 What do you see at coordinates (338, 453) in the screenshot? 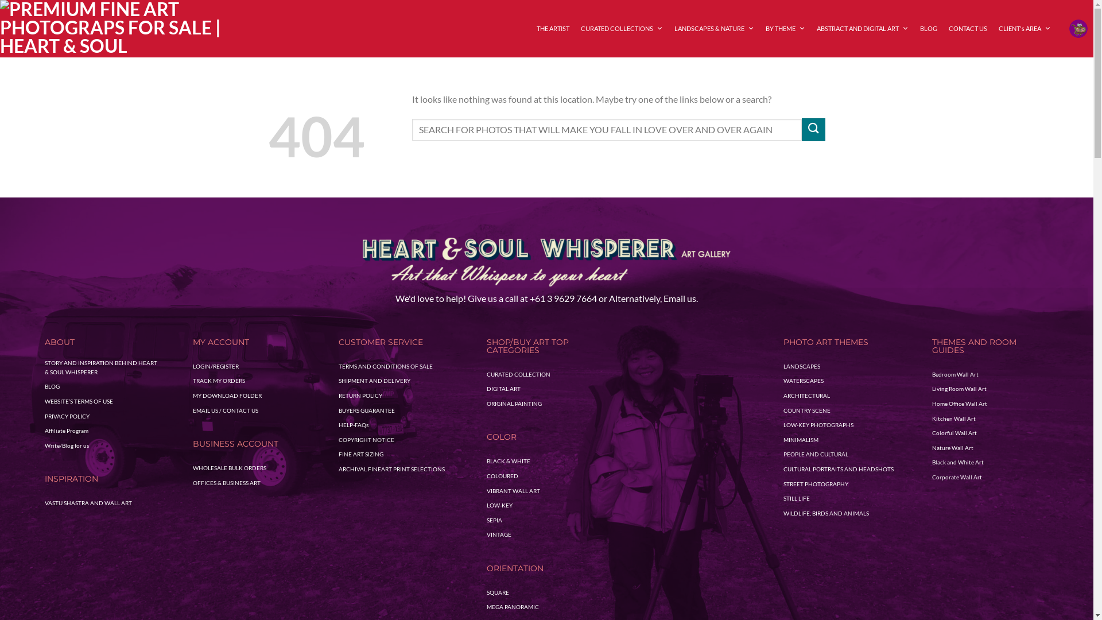
I see `'FINE ART SIZING'` at bounding box center [338, 453].